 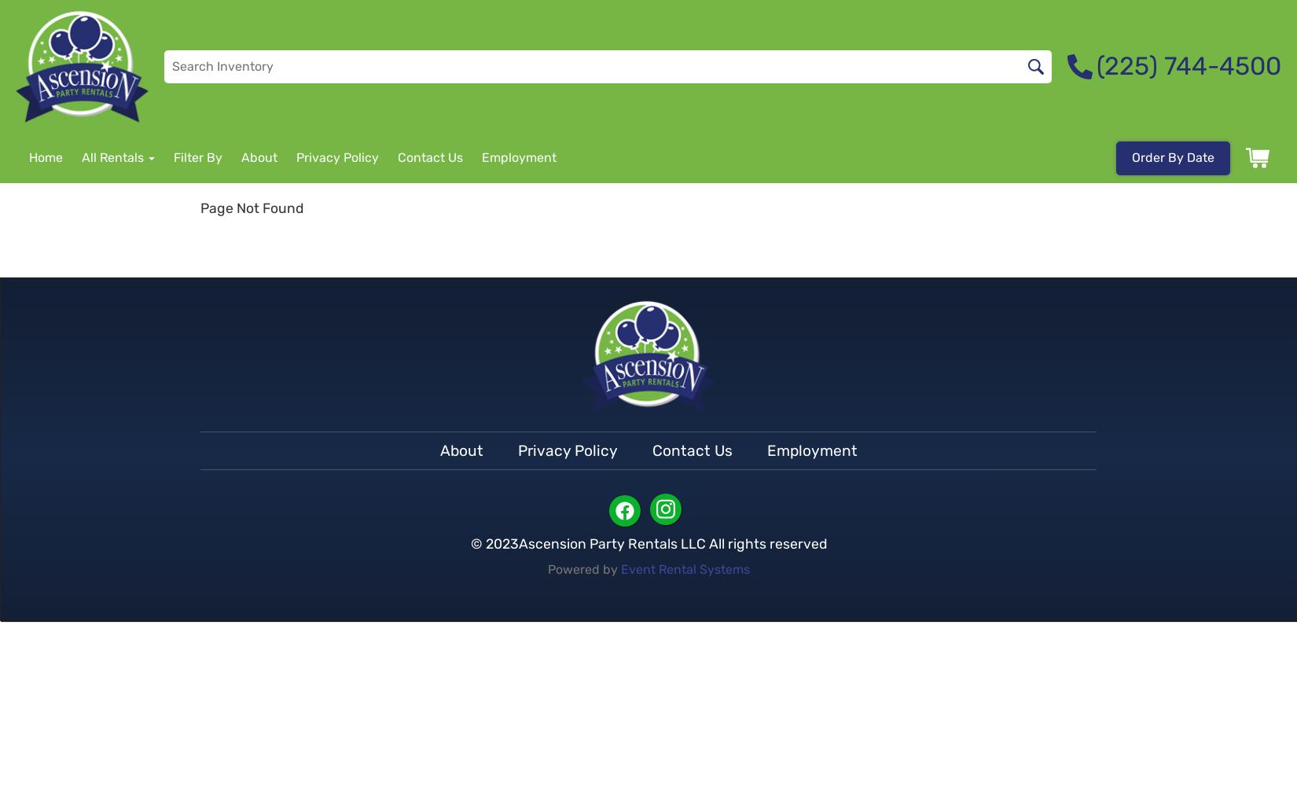 I want to click on '2023Ascension Party Rentals LLC  All rights reserved', so click(x=656, y=542).